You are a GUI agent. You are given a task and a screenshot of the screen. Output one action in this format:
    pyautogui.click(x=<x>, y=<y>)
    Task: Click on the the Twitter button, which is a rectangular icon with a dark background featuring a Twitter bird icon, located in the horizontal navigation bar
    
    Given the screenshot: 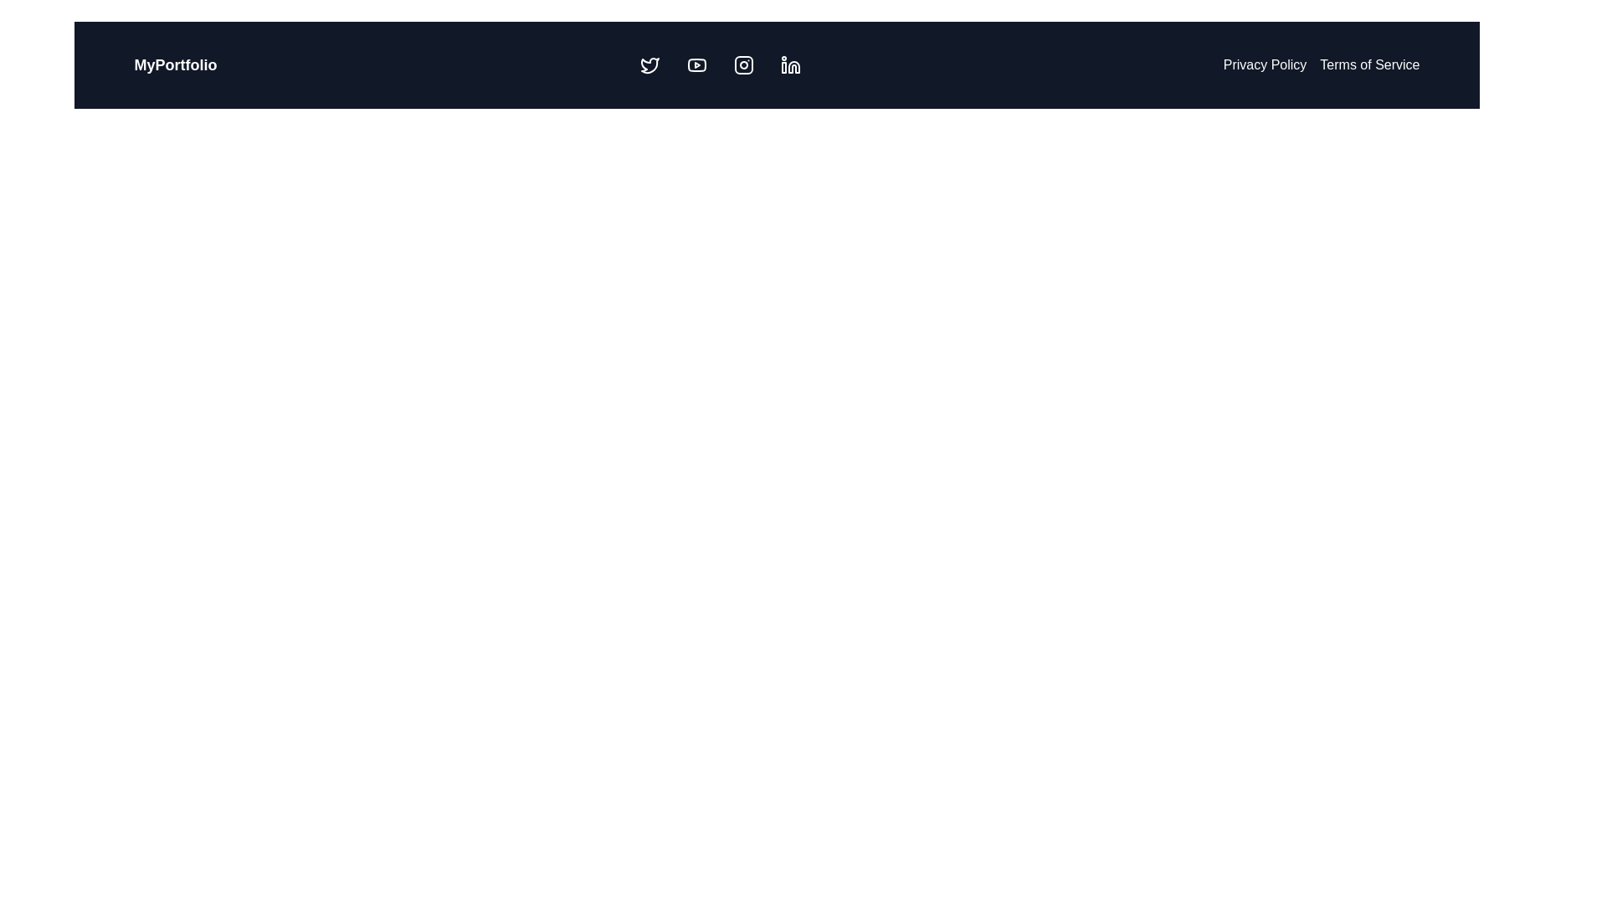 What is the action you would take?
    pyautogui.click(x=649, y=64)
    